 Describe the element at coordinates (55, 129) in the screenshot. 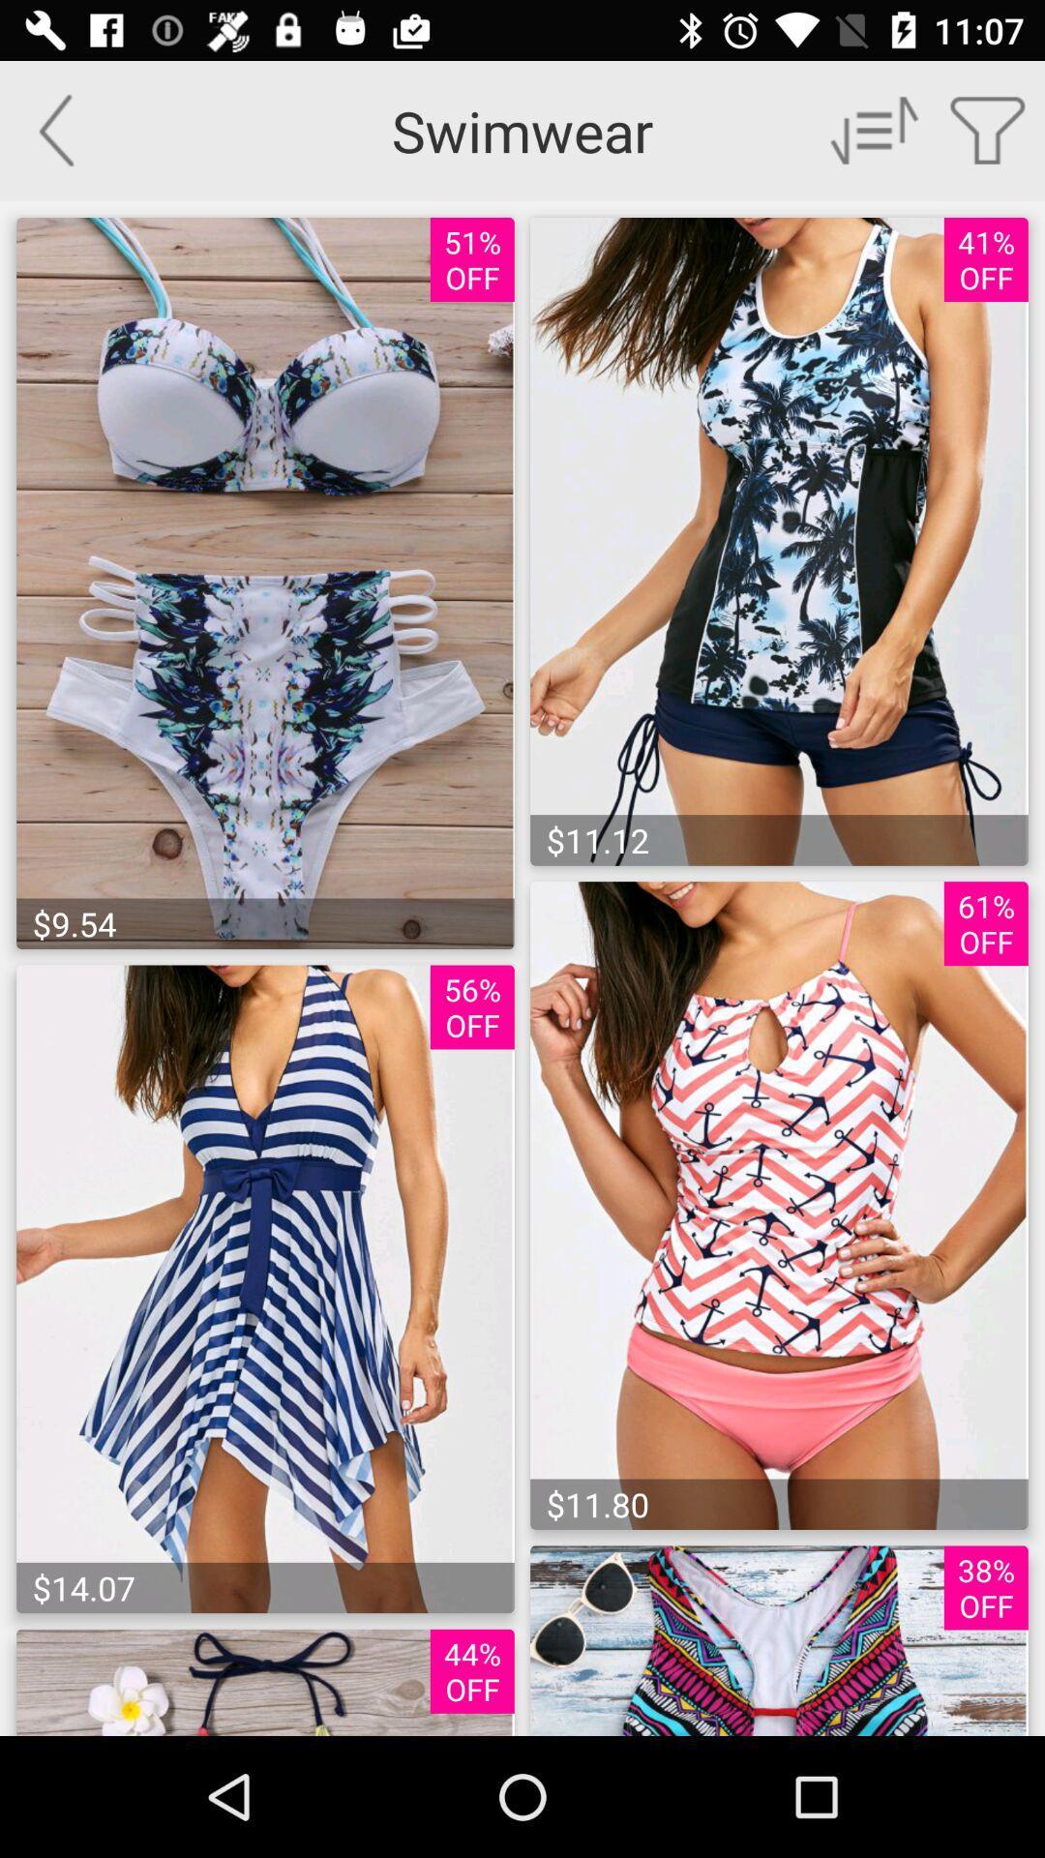

I see `the arrow_backward icon` at that location.